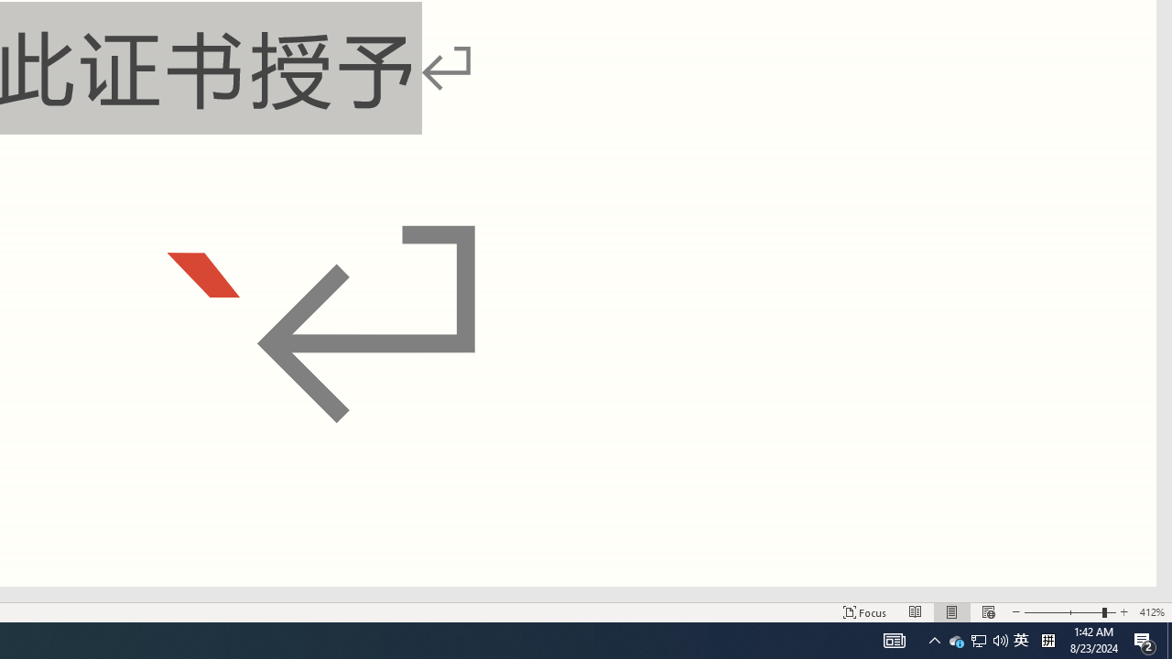 This screenshot has width=1172, height=659. I want to click on 'Tray Input Indicator - Chinese (Simplified, China)', so click(1047, 639).